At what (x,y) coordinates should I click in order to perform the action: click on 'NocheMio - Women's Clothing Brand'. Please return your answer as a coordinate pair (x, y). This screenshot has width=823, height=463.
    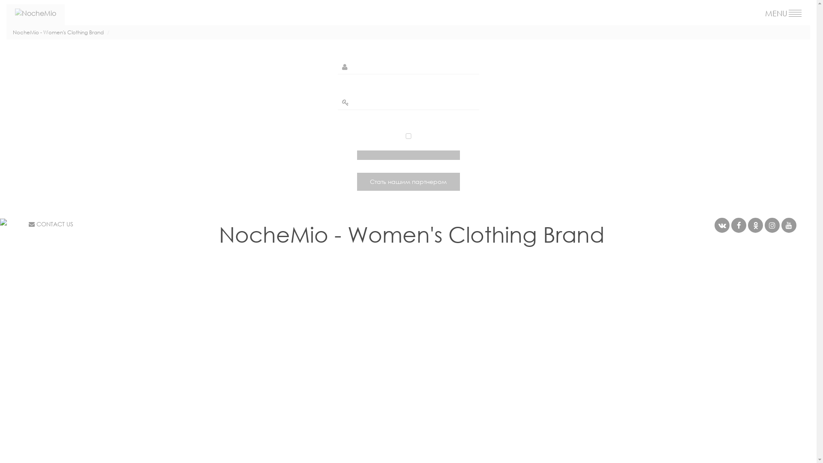
    Looking at the image, I should click on (12, 32).